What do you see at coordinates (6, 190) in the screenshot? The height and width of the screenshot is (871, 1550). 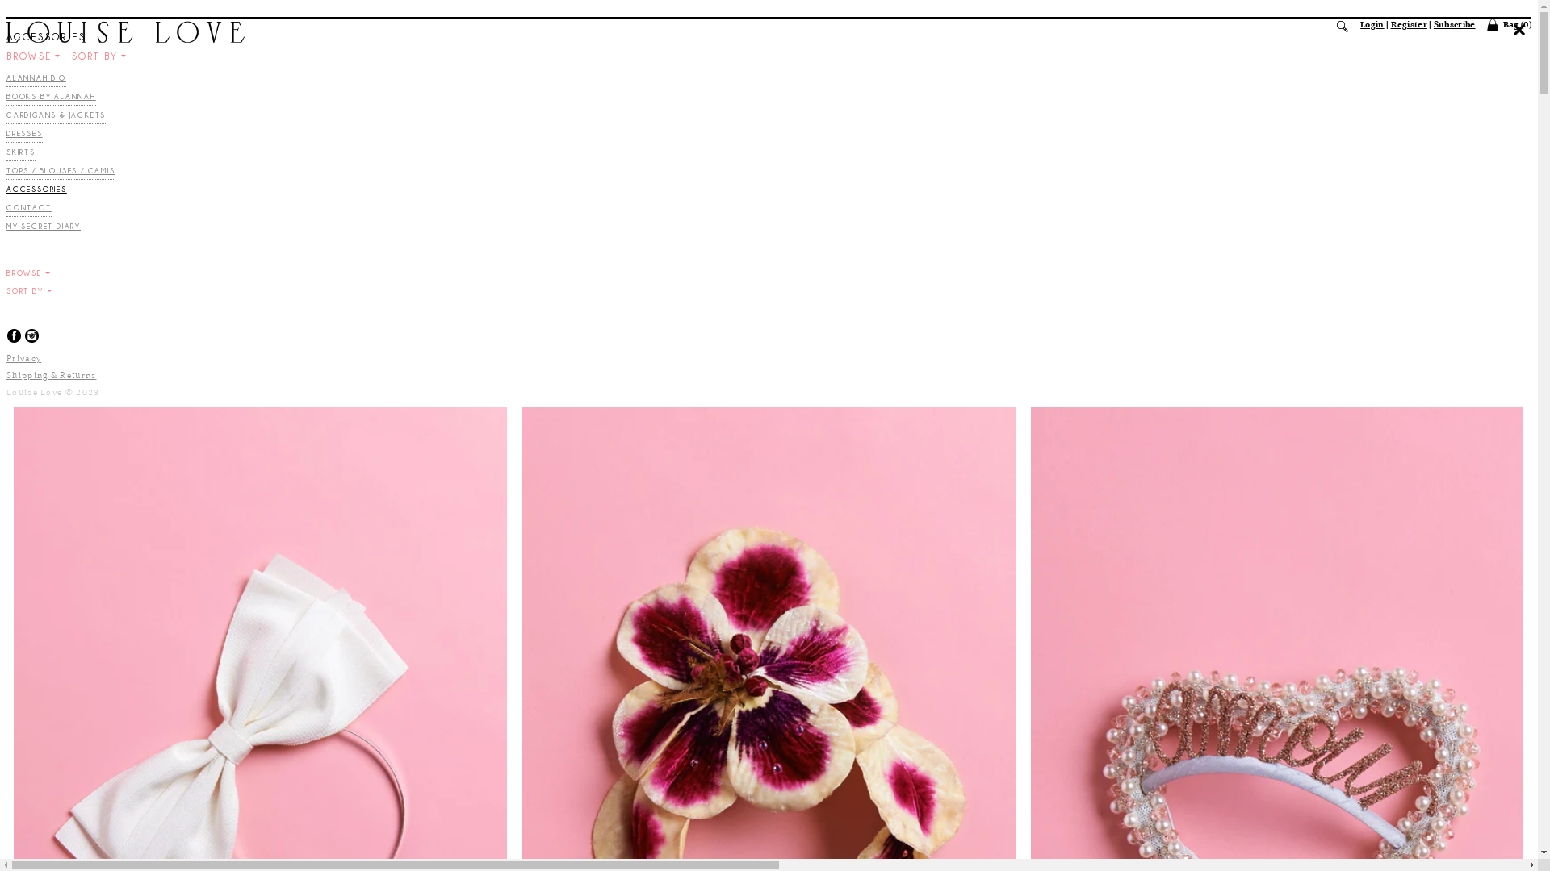 I see `'ACCESSORIES'` at bounding box center [6, 190].